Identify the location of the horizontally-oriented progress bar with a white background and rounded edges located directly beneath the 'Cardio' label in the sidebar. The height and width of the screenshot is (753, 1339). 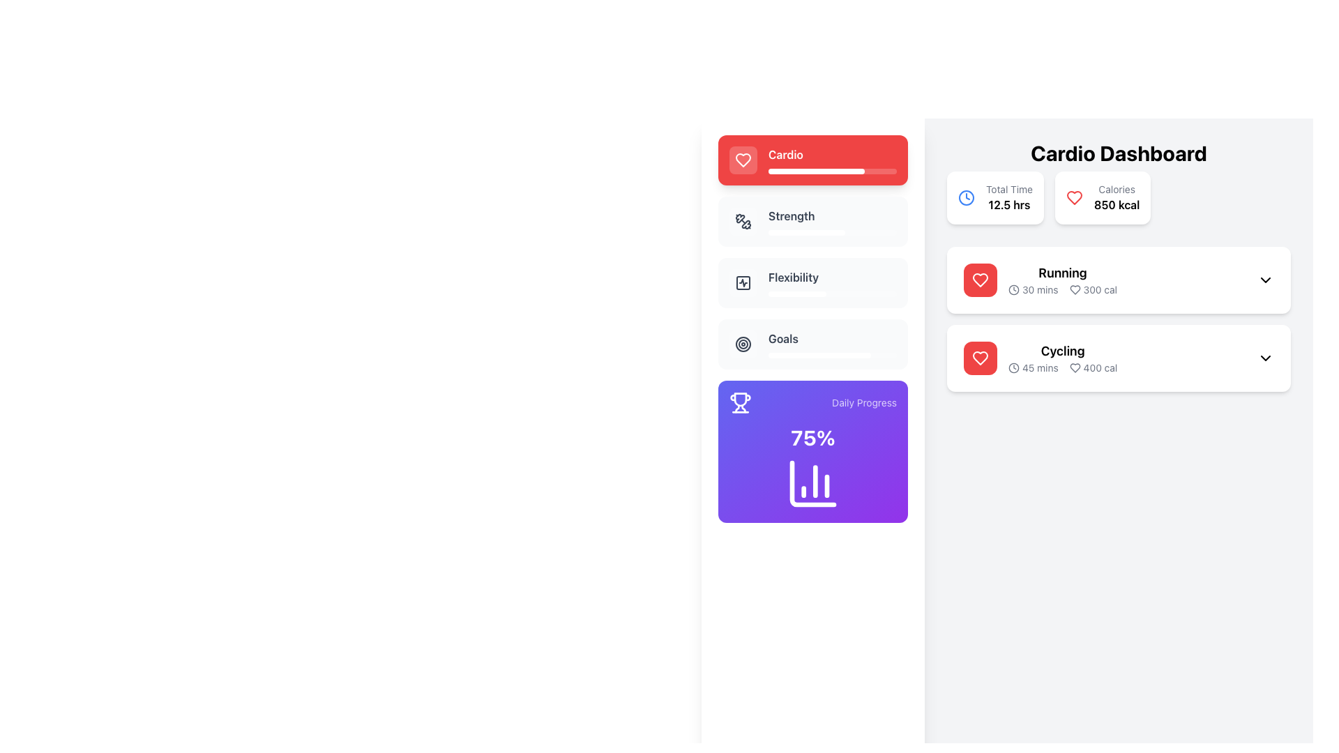
(833, 171).